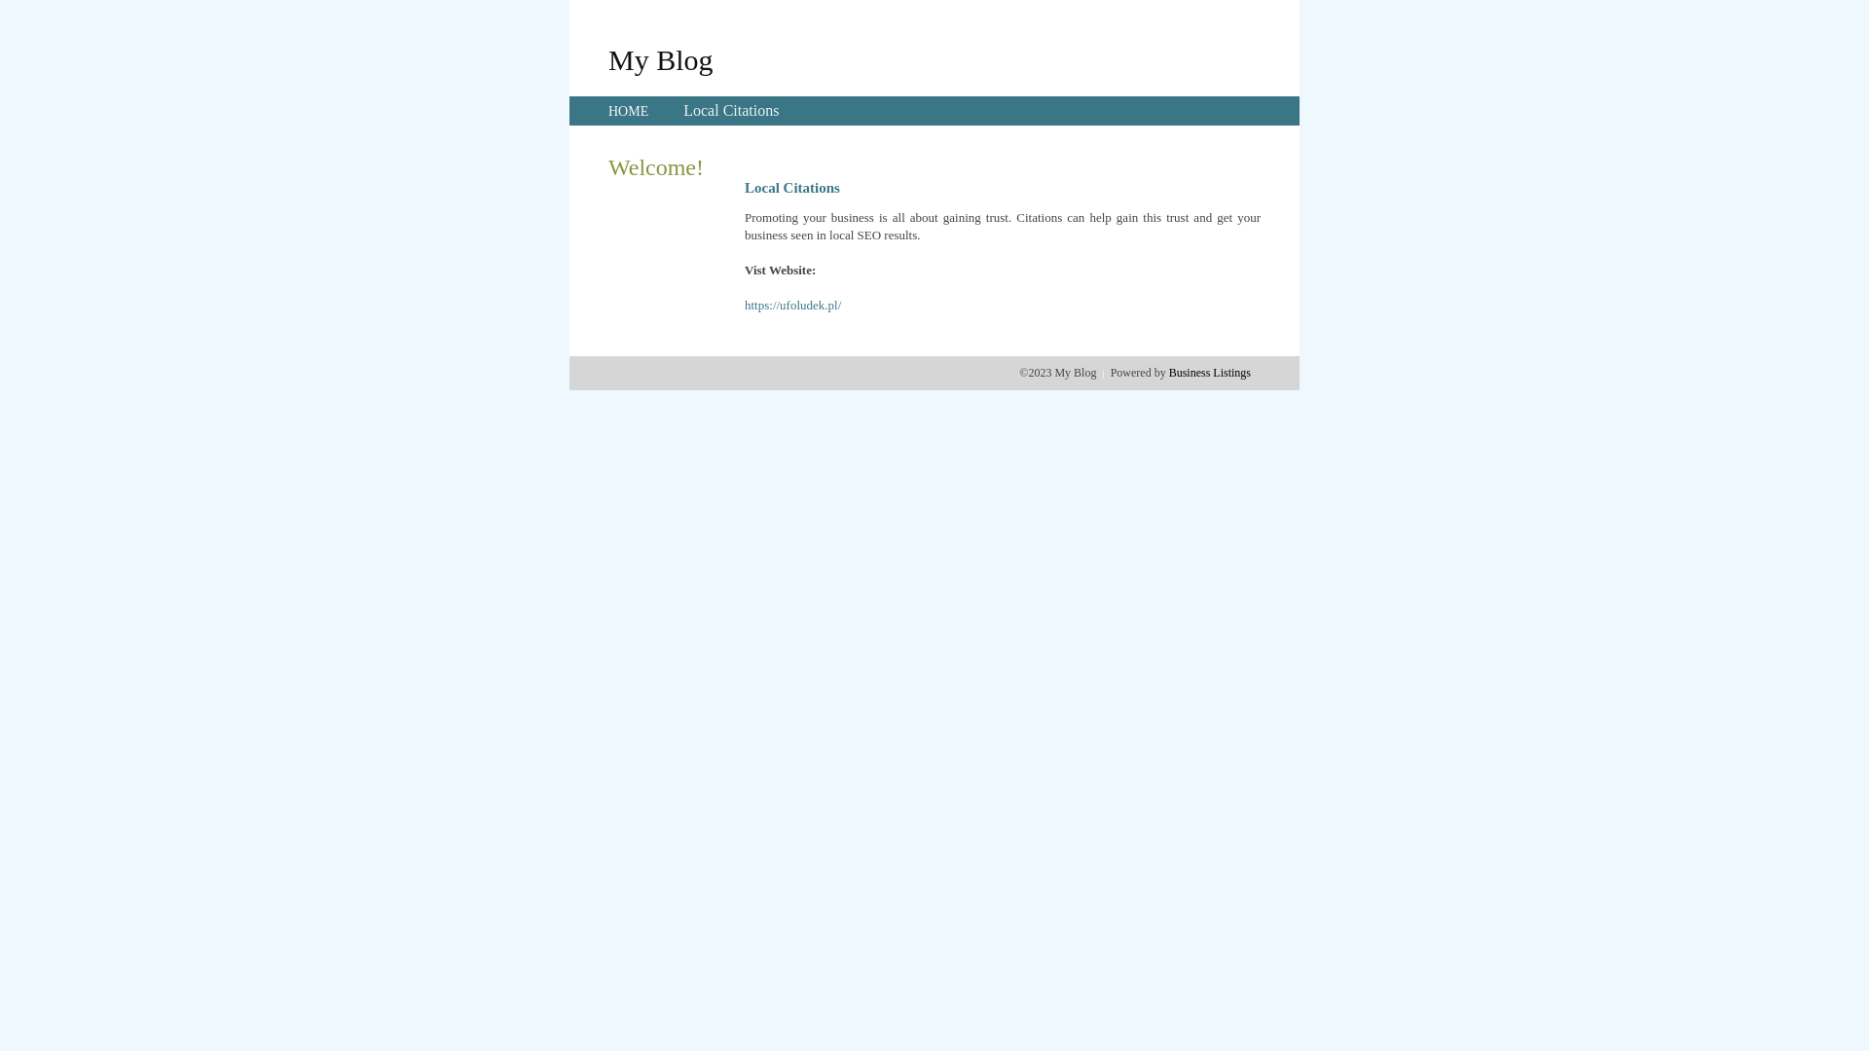 The height and width of the screenshot is (1051, 1869). I want to click on 'My Blog', so click(660, 58).